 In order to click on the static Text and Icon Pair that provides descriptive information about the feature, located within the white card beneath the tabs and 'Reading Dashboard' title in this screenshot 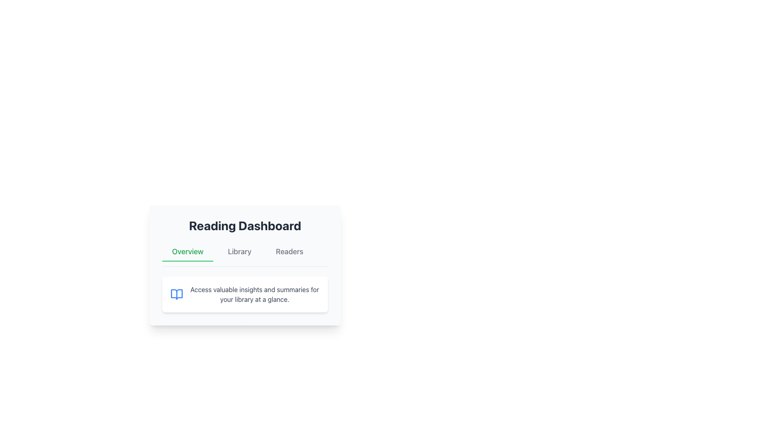, I will do `click(244, 294)`.